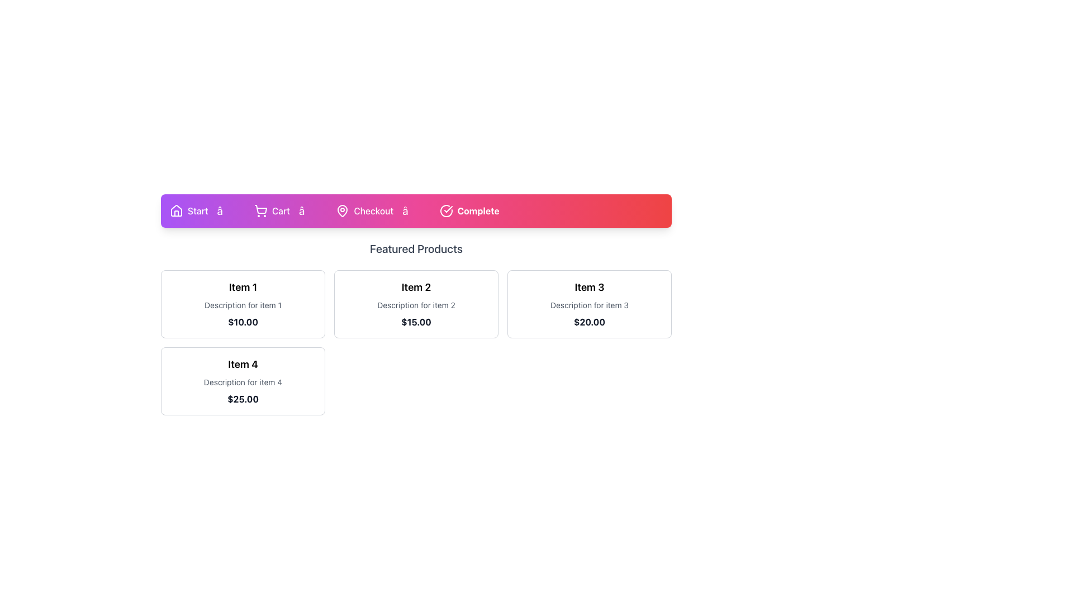 This screenshot has width=1073, height=603. Describe the element at coordinates (243, 382) in the screenshot. I see `the static text label that describes the product 'Item 4', located within the fourth product card, positioned between the title and the price` at that location.